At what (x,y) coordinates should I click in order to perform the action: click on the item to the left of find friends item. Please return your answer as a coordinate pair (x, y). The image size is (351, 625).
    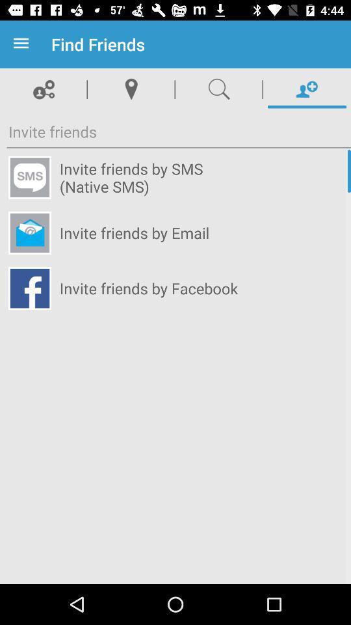
    Looking at the image, I should click on (23, 44).